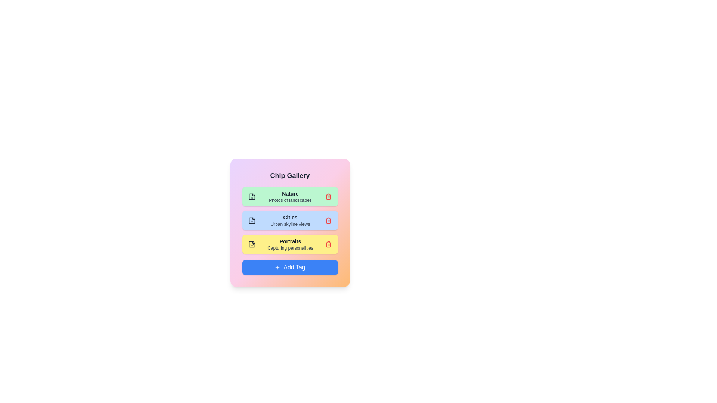 This screenshot has width=717, height=403. What do you see at coordinates (328, 196) in the screenshot?
I see `the delete button for the tag labeled 'Nature' to remove it` at bounding box center [328, 196].